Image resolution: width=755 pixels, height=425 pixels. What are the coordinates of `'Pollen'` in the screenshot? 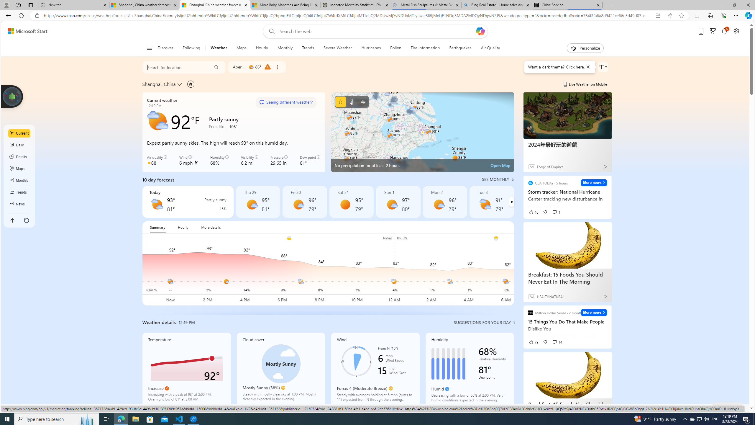 It's located at (395, 48).